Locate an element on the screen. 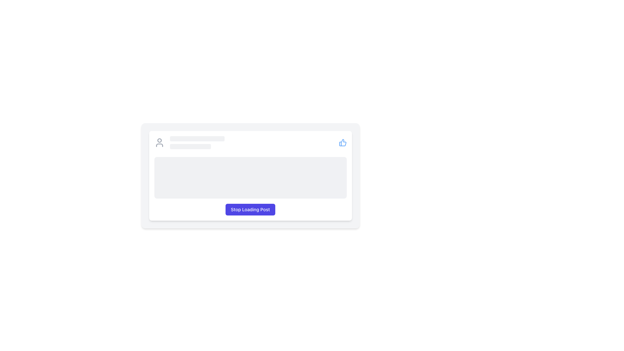 This screenshot has width=624, height=351. the torso part of the avatar symbol, which is located in the lower part of the circular user avatar representation is located at coordinates (159, 145).